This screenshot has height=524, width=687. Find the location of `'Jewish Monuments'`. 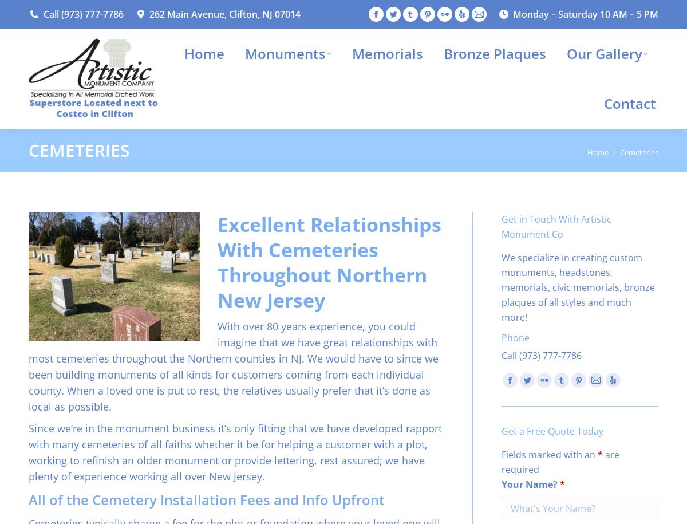

'Jewish Monuments' is located at coordinates (303, 124).